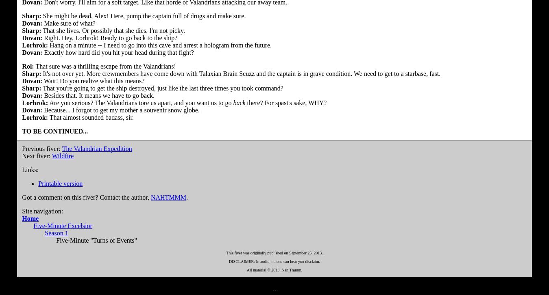  What do you see at coordinates (22, 131) in the screenshot?
I see `'TO BE CONTINUED...'` at bounding box center [22, 131].